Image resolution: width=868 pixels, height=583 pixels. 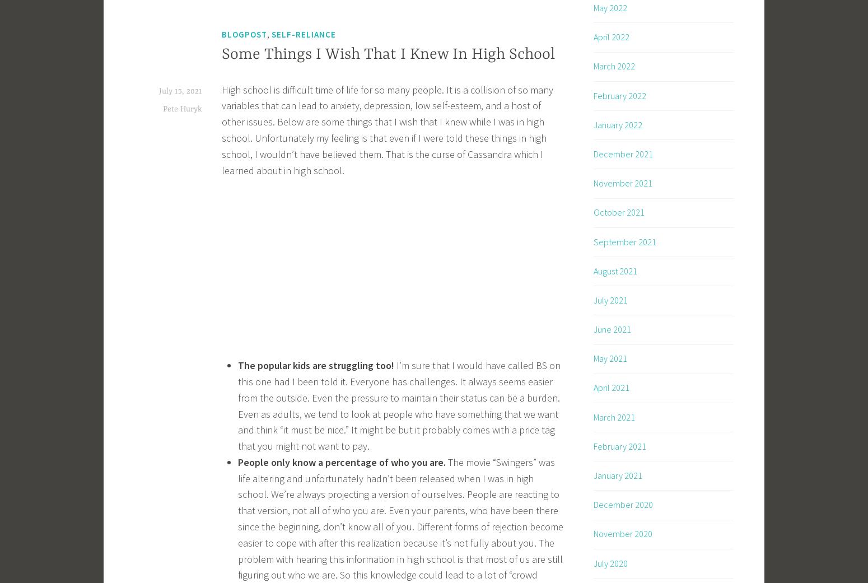 I want to click on 'January 2022', so click(x=617, y=124).